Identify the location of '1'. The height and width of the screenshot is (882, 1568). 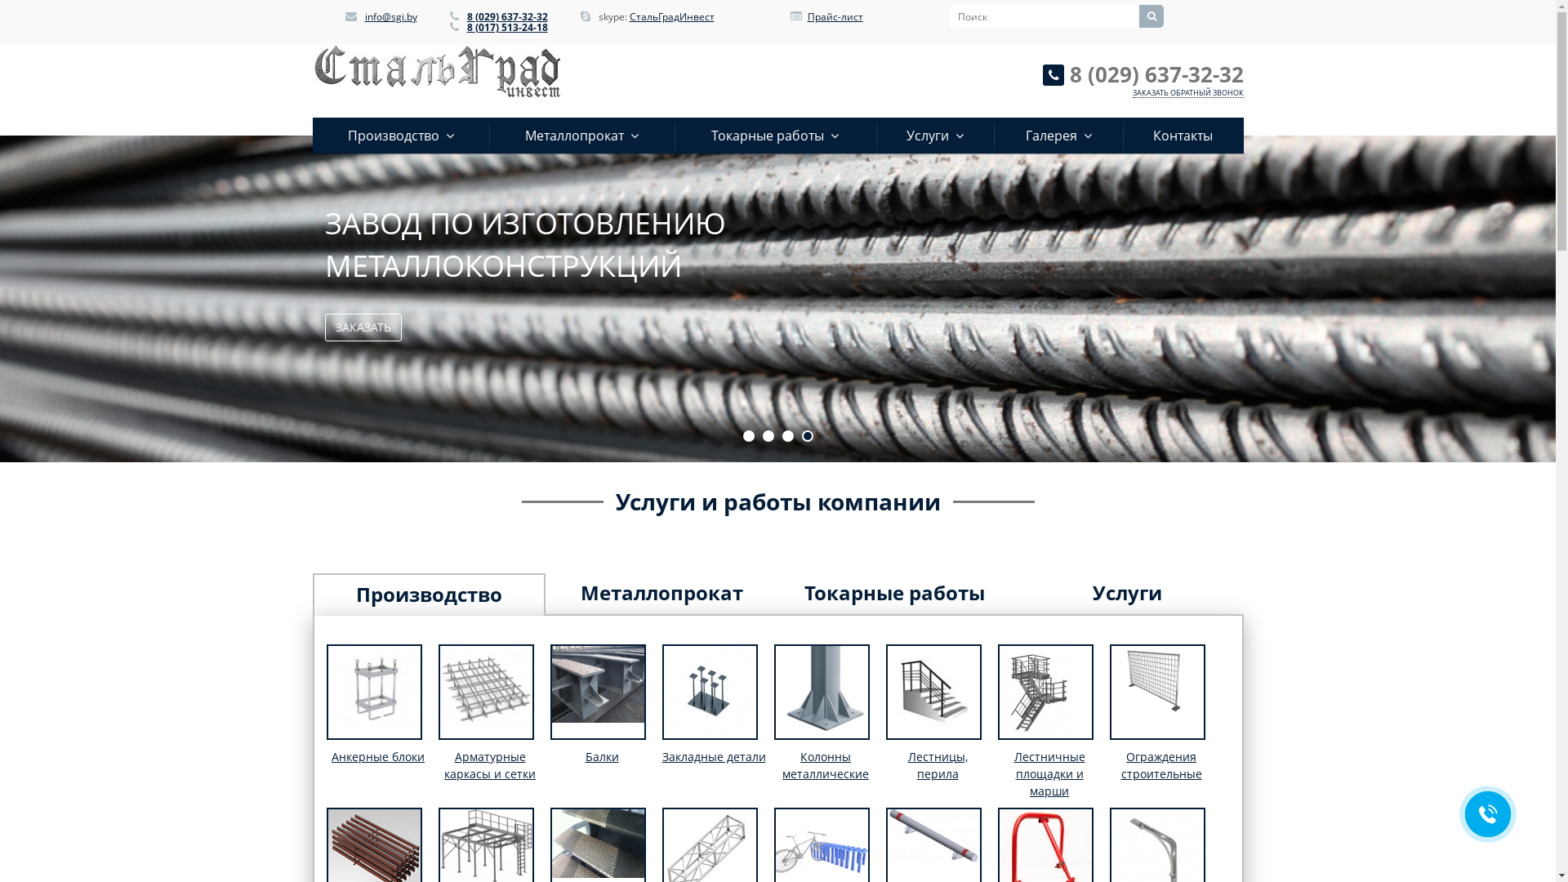
(747, 434).